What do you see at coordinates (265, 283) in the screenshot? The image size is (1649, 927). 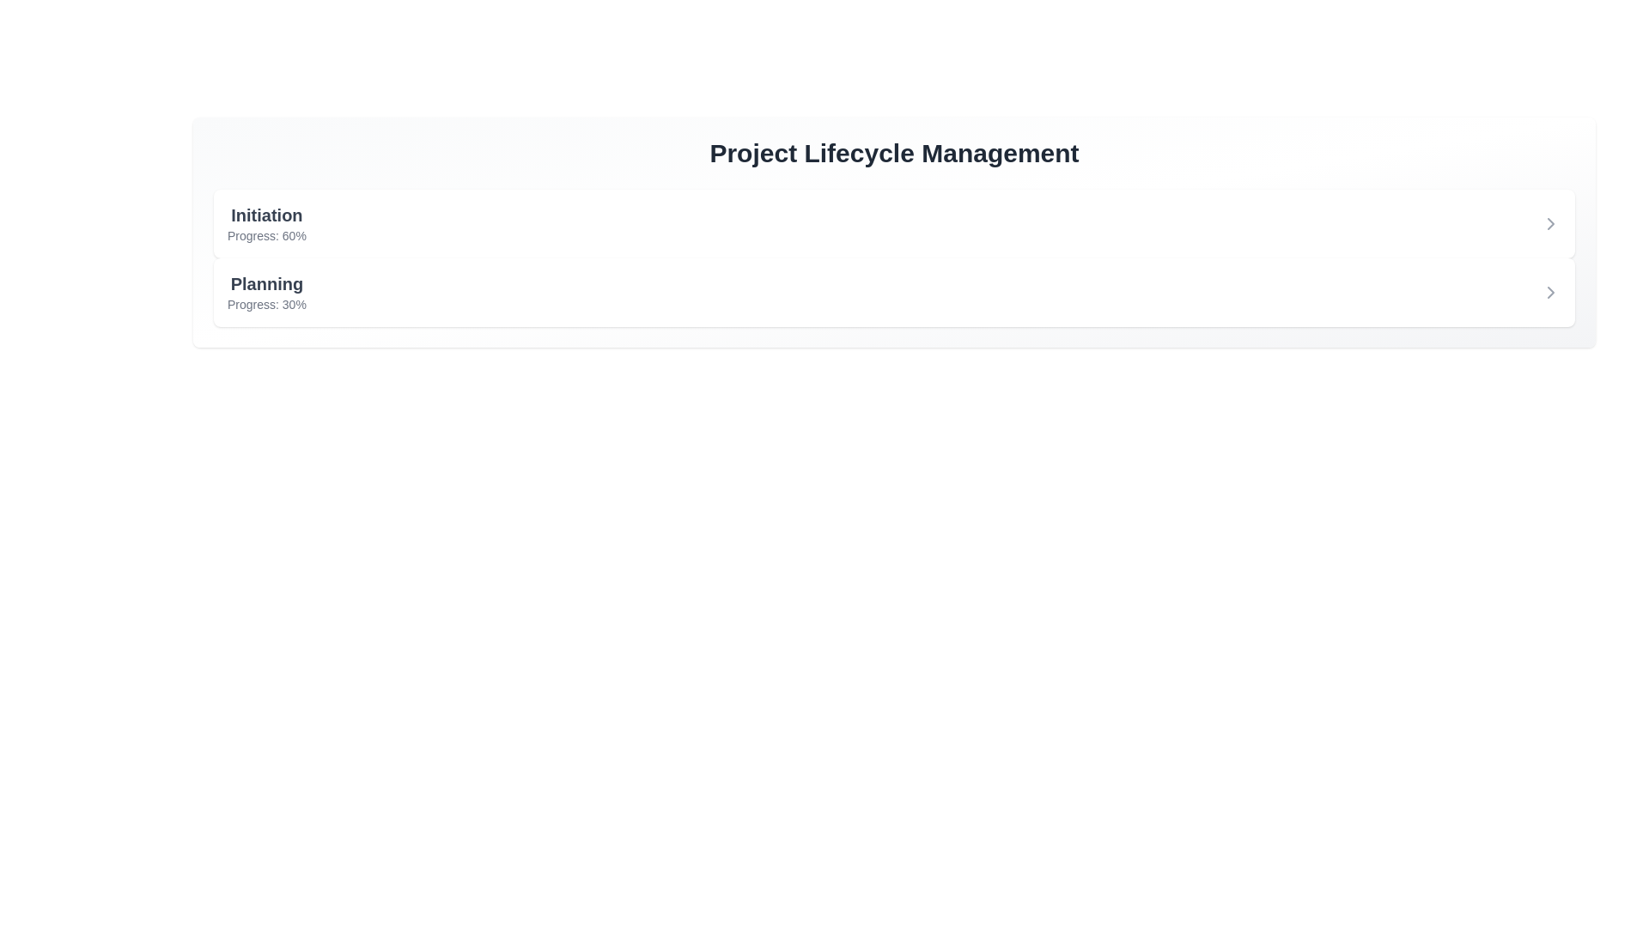 I see `the 'Planning' text label, which serves as the title for the planning phase in the project lifecycle, located above the 'Progress: 30%' text in the second section of the layout` at bounding box center [265, 283].